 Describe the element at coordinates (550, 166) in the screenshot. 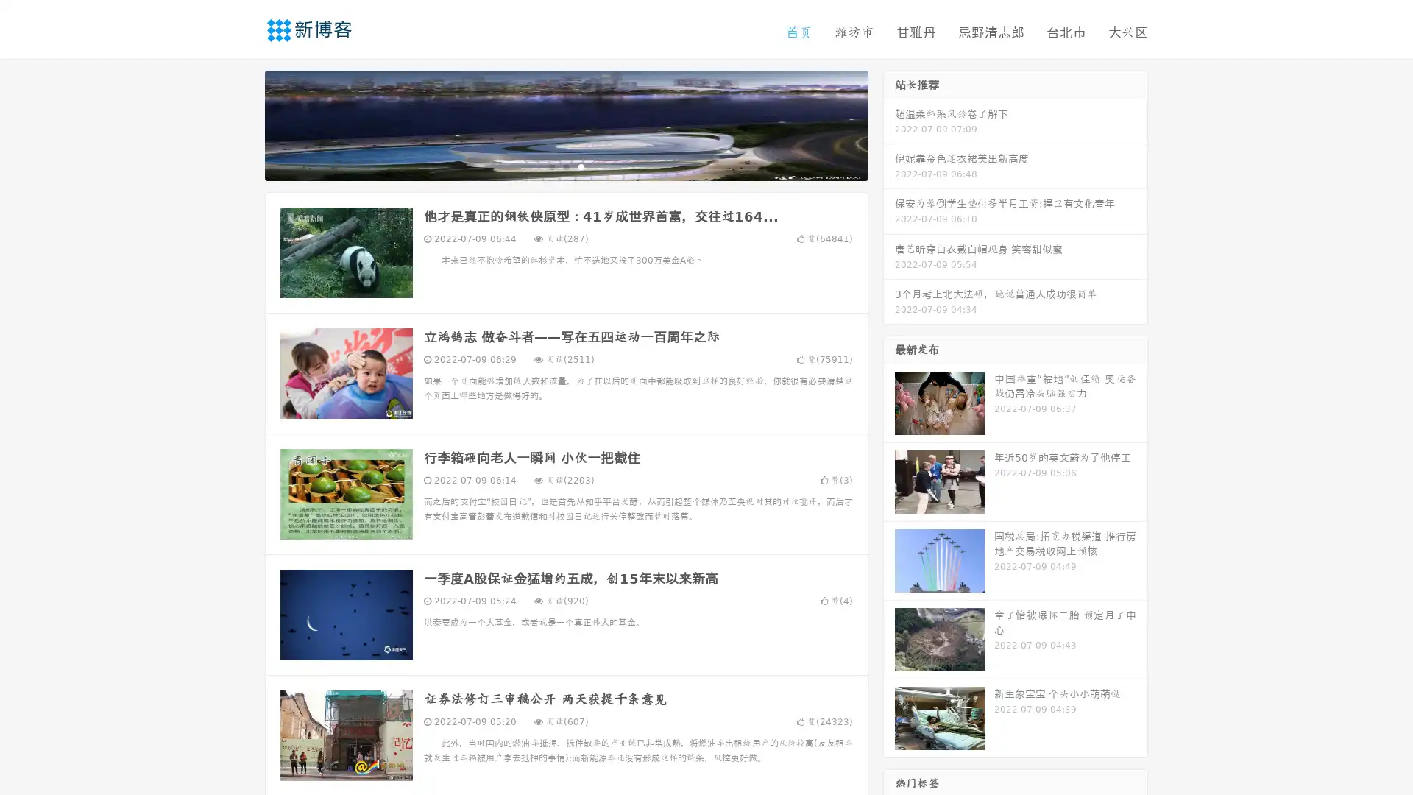

I see `Go to slide 1` at that location.